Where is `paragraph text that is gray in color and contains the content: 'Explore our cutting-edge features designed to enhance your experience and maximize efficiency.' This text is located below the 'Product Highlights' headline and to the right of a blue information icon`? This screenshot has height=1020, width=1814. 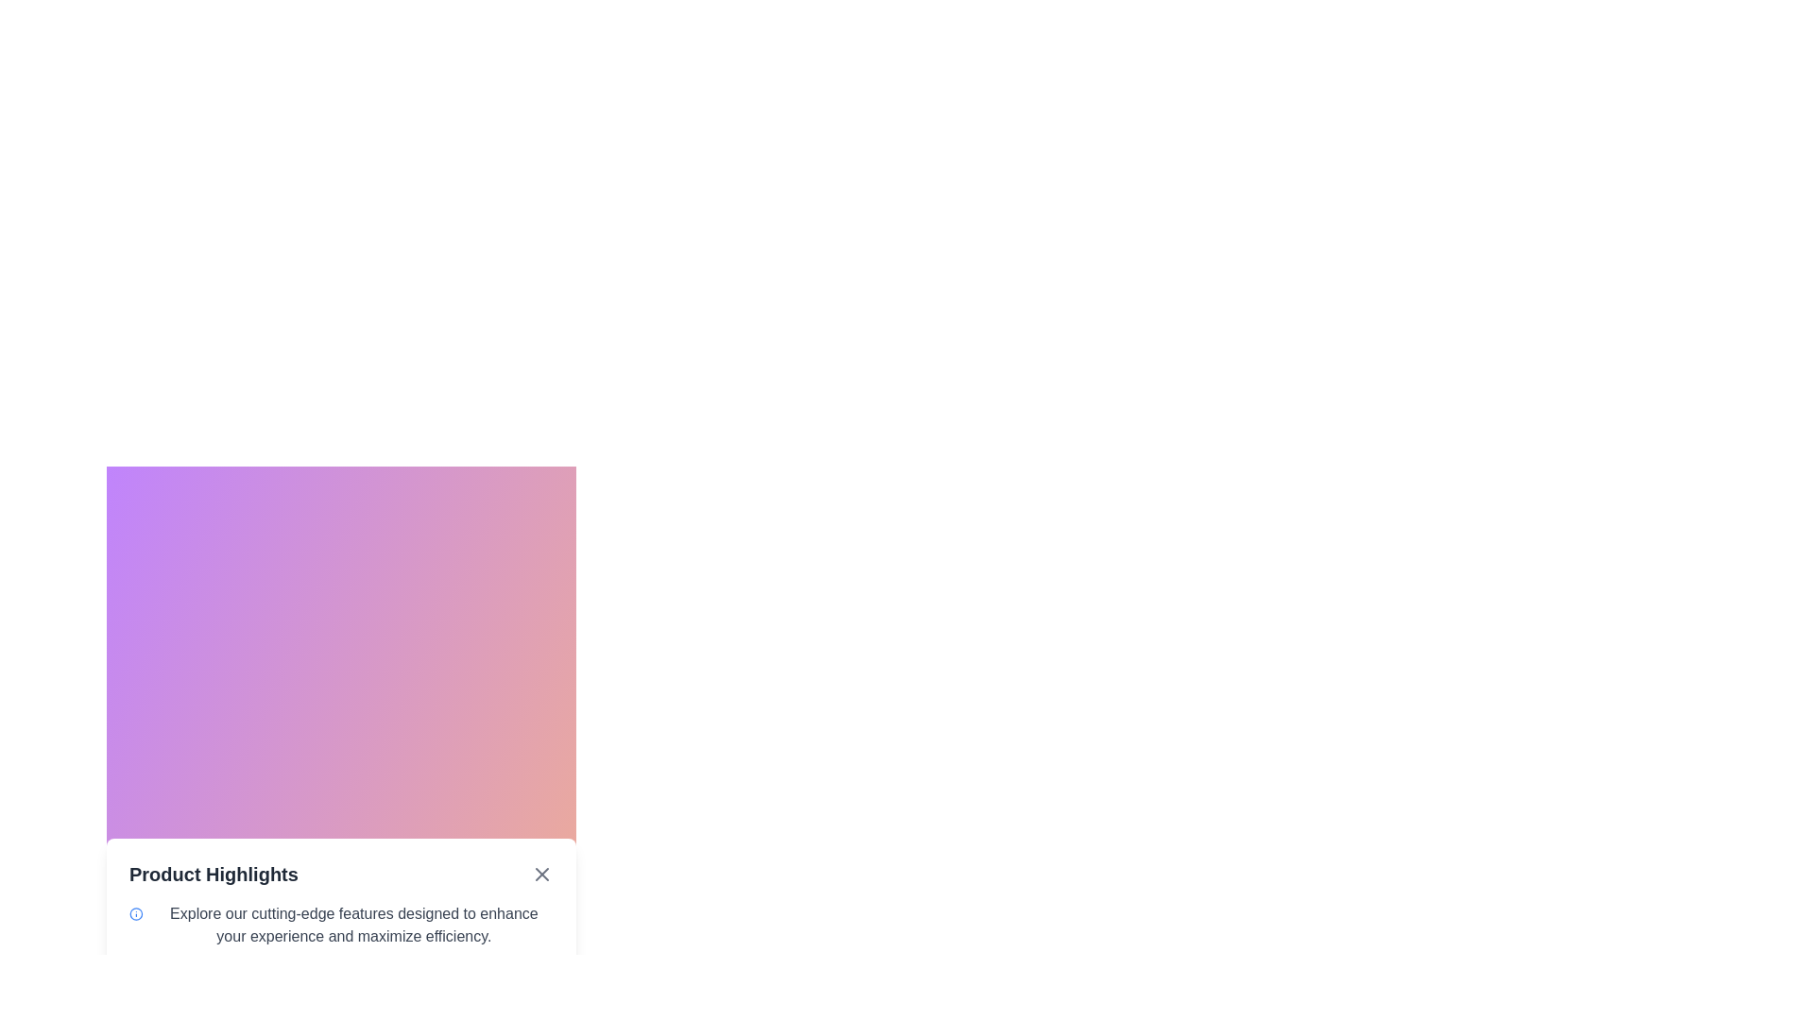
paragraph text that is gray in color and contains the content: 'Explore our cutting-edge features designed to enhance your experience and maximize efficiency.' This text is located below the 'Product Highlights' headline and to the right of a blue information icon is located at coordinates (353, 924).